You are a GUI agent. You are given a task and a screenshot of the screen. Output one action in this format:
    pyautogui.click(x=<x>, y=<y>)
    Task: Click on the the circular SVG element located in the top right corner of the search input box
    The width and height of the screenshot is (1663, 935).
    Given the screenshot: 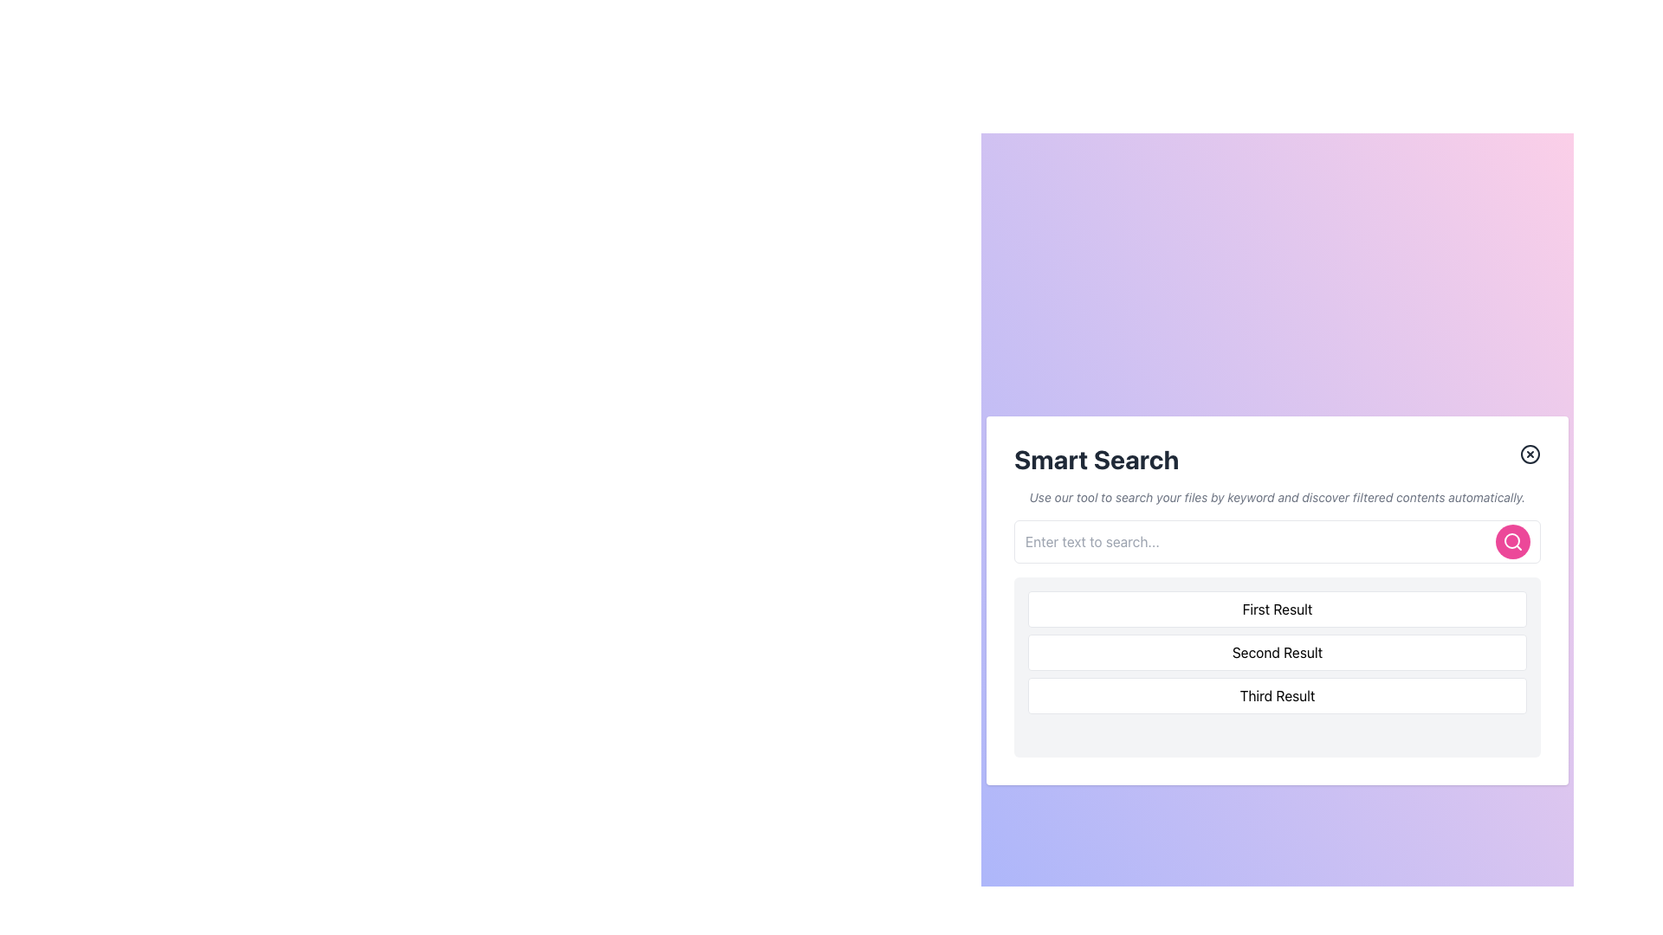 What is the action you would take?
    pyautogui.click(x=1511, y=539)
    